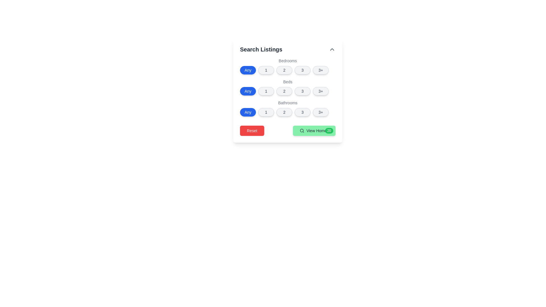 This screenshot has width=546, height=307. What do you see at coordinates (248, 70) in the screenshot?
I see `the first filter button in the 'Bedrooms' filter section` at bounding box center [248, 70].